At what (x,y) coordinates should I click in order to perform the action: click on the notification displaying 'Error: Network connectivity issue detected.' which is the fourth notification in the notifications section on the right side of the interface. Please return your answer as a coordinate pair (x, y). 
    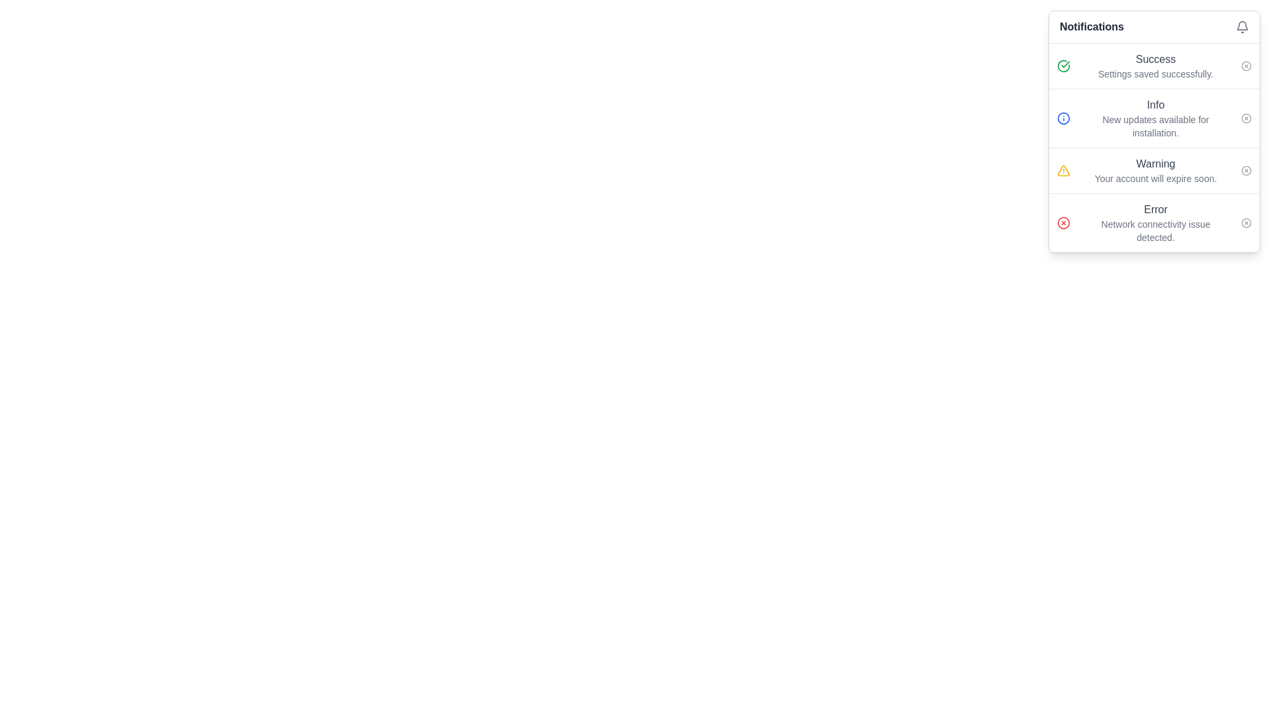
    Looking at the image, I should click on (1155, 222).